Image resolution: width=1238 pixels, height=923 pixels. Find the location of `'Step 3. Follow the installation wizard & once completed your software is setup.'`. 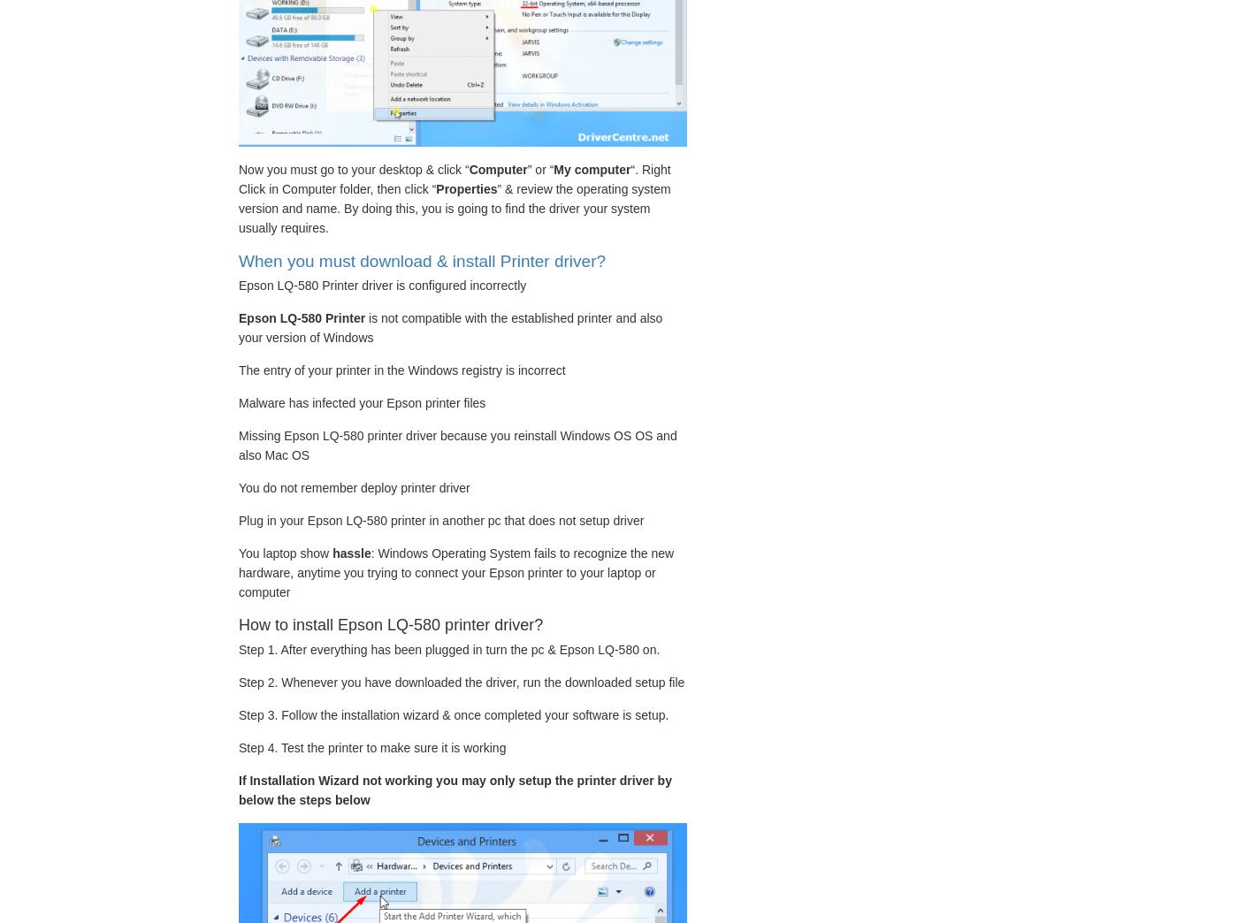

'Step 3. Follow the installation wizard & once completed your software is setup.' is located at coordinates (239, 713).